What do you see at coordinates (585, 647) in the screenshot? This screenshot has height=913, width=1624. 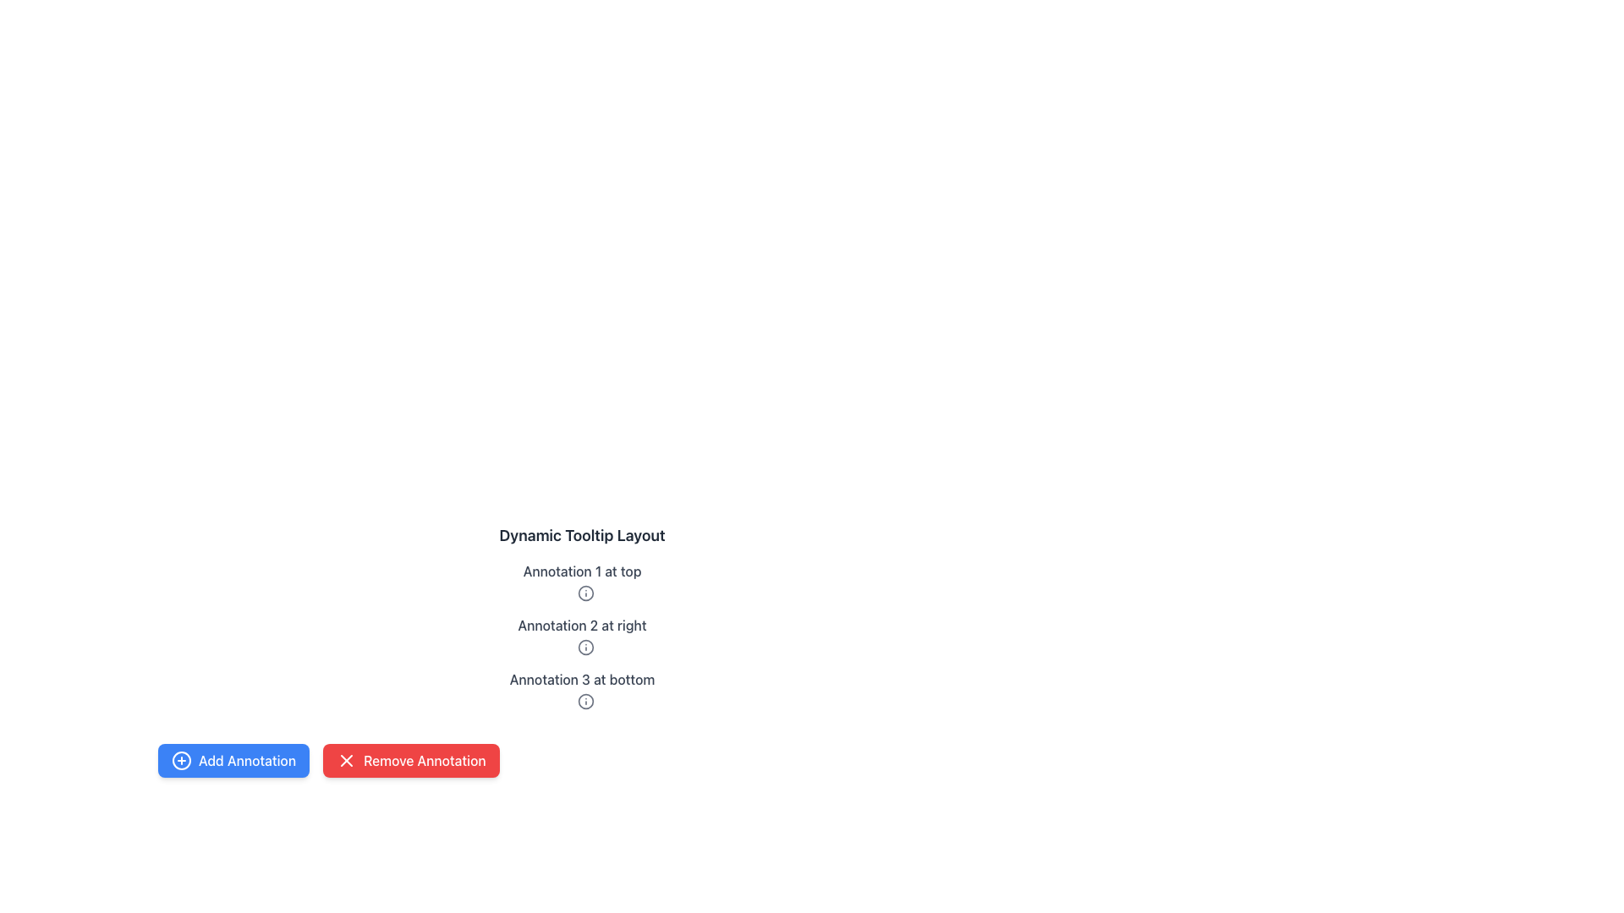 I see `the circular iconographic element located to the right of the text 'Annotation 2 at right' to trigger a tooltip` at bounding box center [585, 647].